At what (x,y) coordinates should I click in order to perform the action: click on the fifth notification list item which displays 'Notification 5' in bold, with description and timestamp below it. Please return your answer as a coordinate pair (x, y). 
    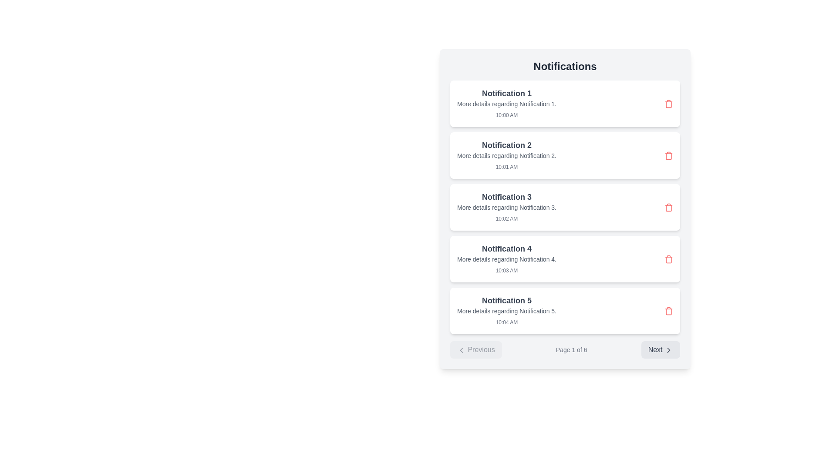
    Looking at the image, I should click on (507, 310).